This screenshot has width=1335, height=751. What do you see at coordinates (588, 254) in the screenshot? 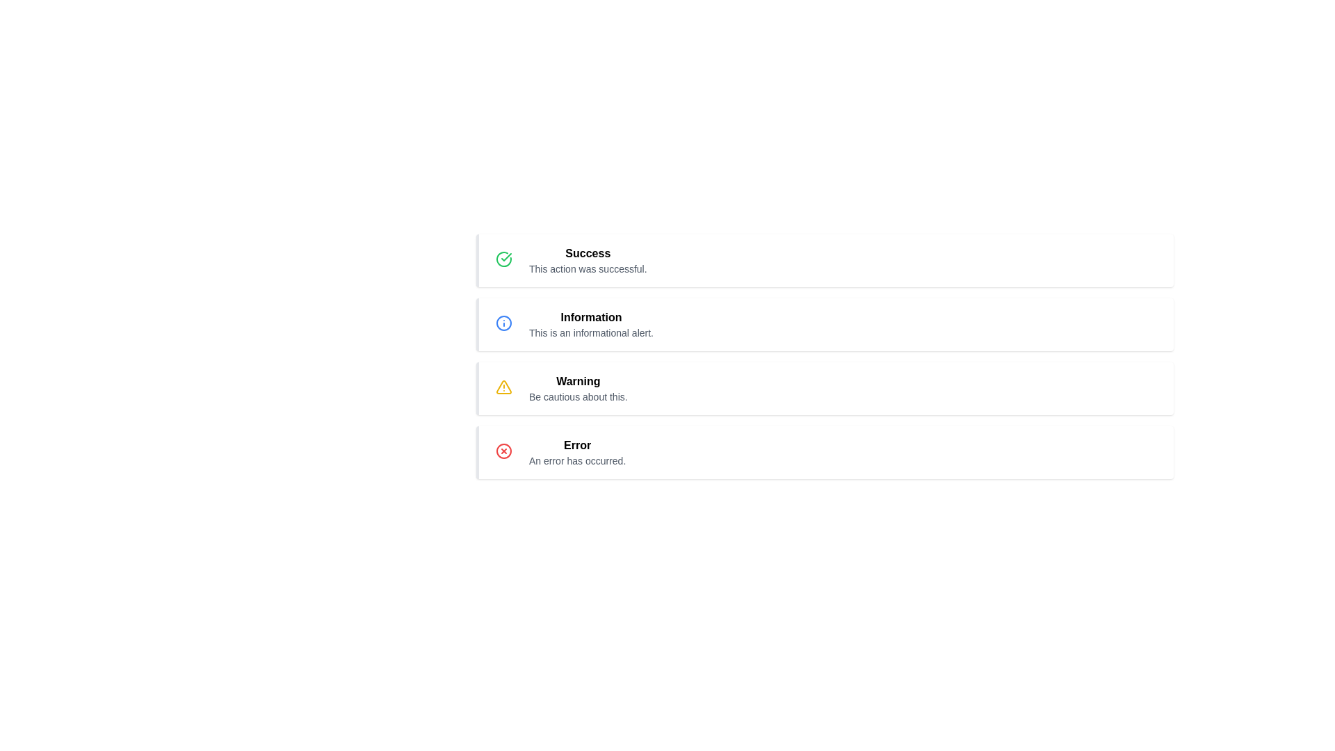
I see `the bolded text label displaying the word 'Success' at the top of the notification card` at bounding box center [588, 254].